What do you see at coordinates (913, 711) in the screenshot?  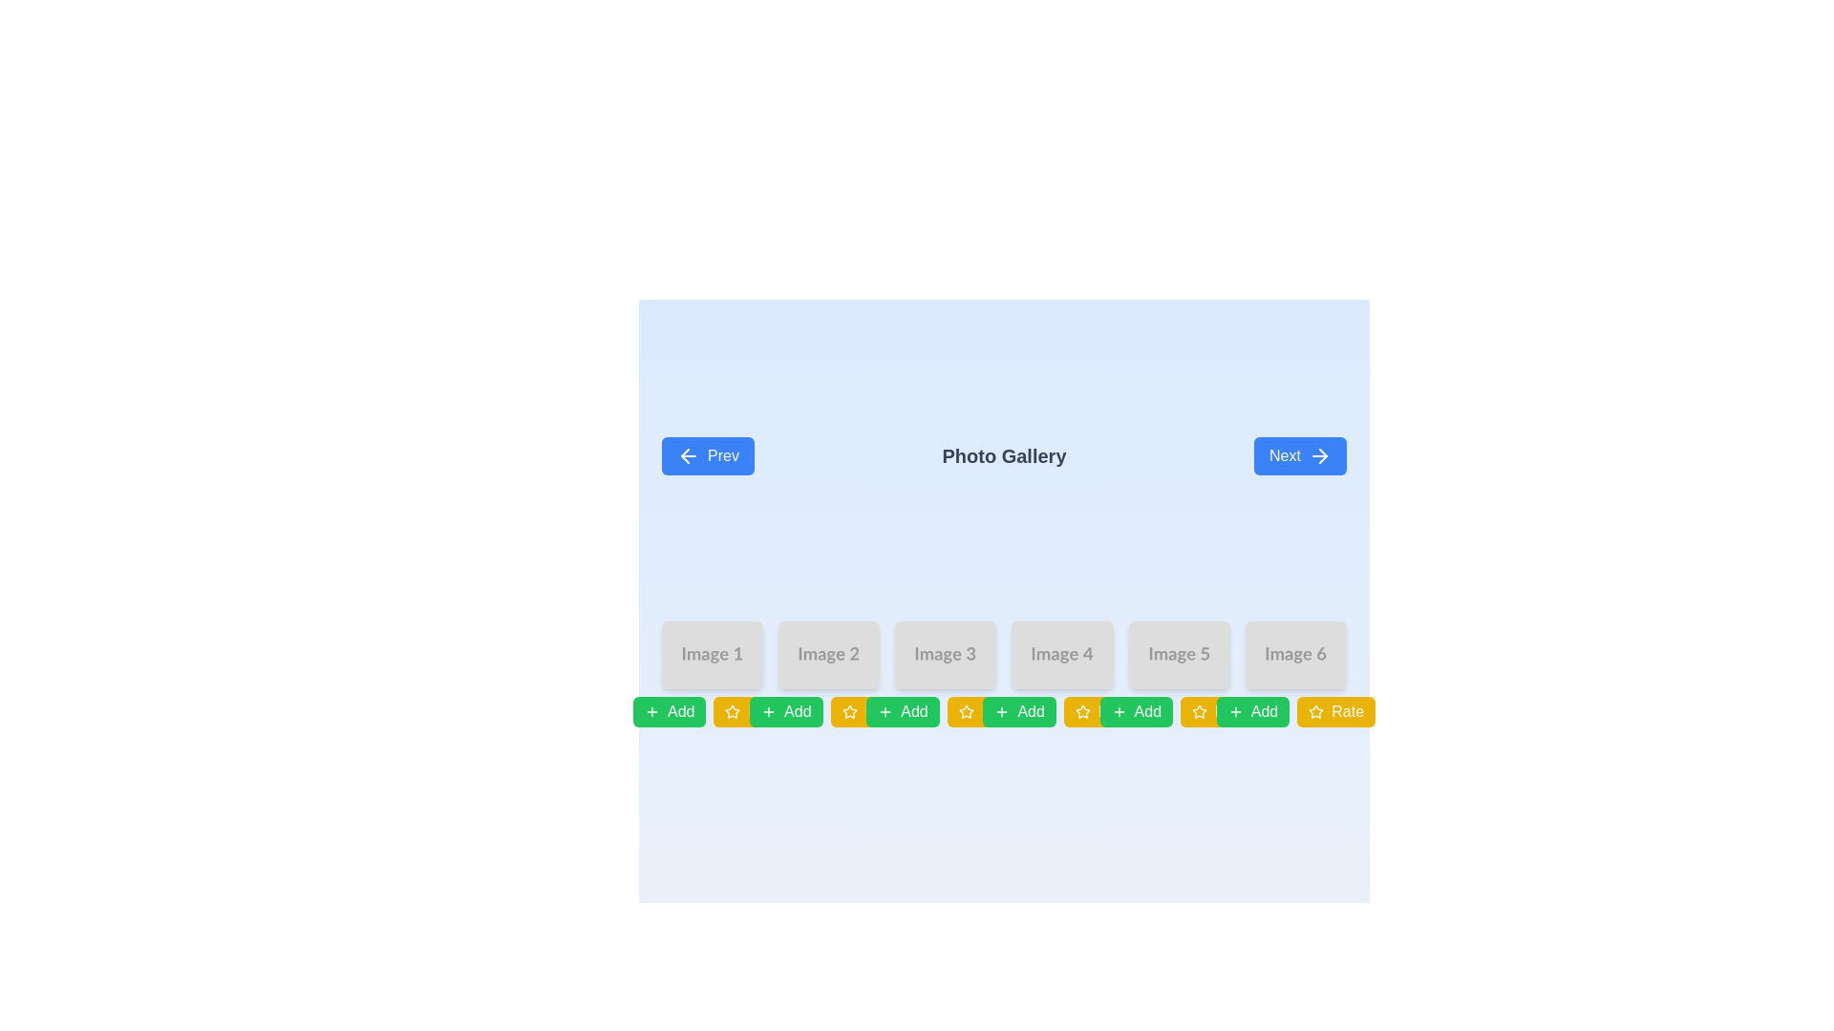 I see `the fourth 'Add' button from the left, which is associated with 'Image 3'` at bounding box center [913, 711].